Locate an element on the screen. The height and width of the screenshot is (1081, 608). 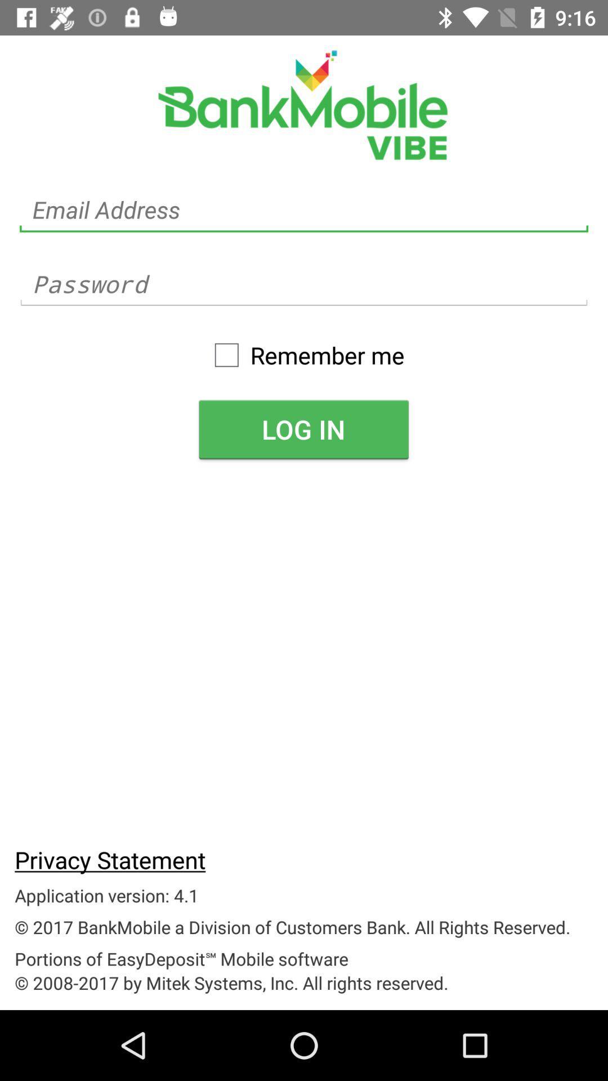
icon above log in item is located at coordinates (303, 354).